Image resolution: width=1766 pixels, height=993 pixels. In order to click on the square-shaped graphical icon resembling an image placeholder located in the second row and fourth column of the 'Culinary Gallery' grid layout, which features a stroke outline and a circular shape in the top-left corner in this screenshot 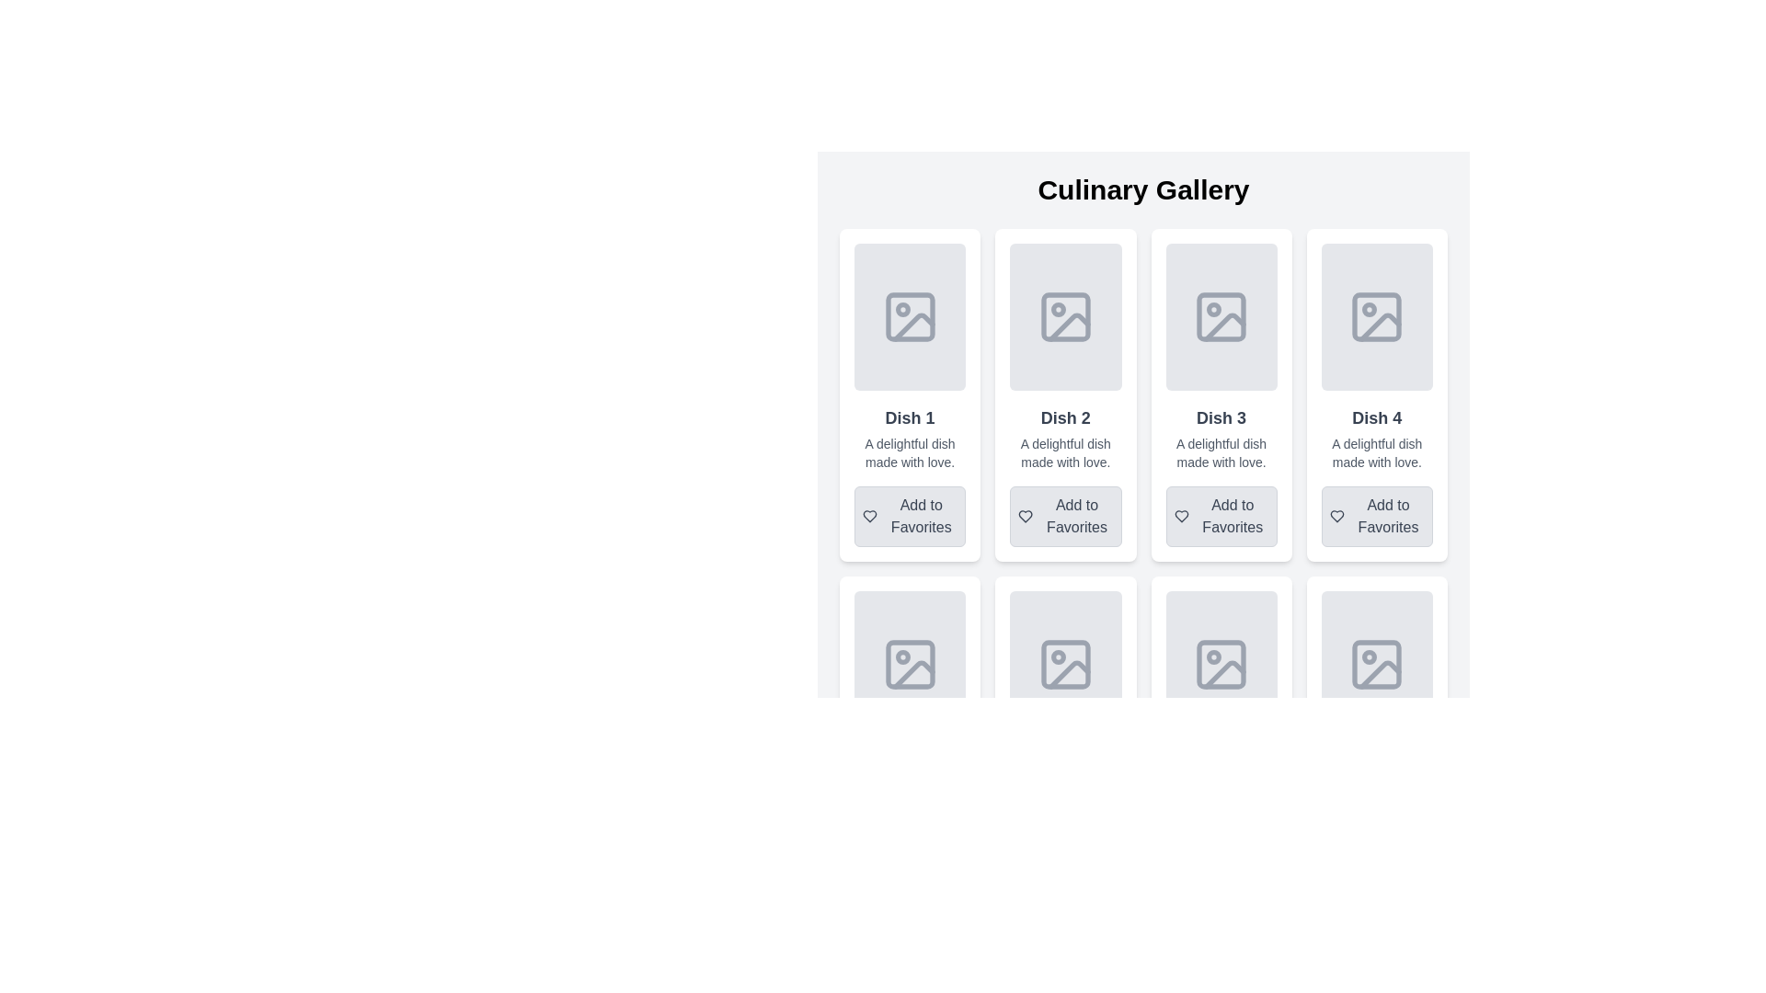, I will do `click(1221, 664)`.